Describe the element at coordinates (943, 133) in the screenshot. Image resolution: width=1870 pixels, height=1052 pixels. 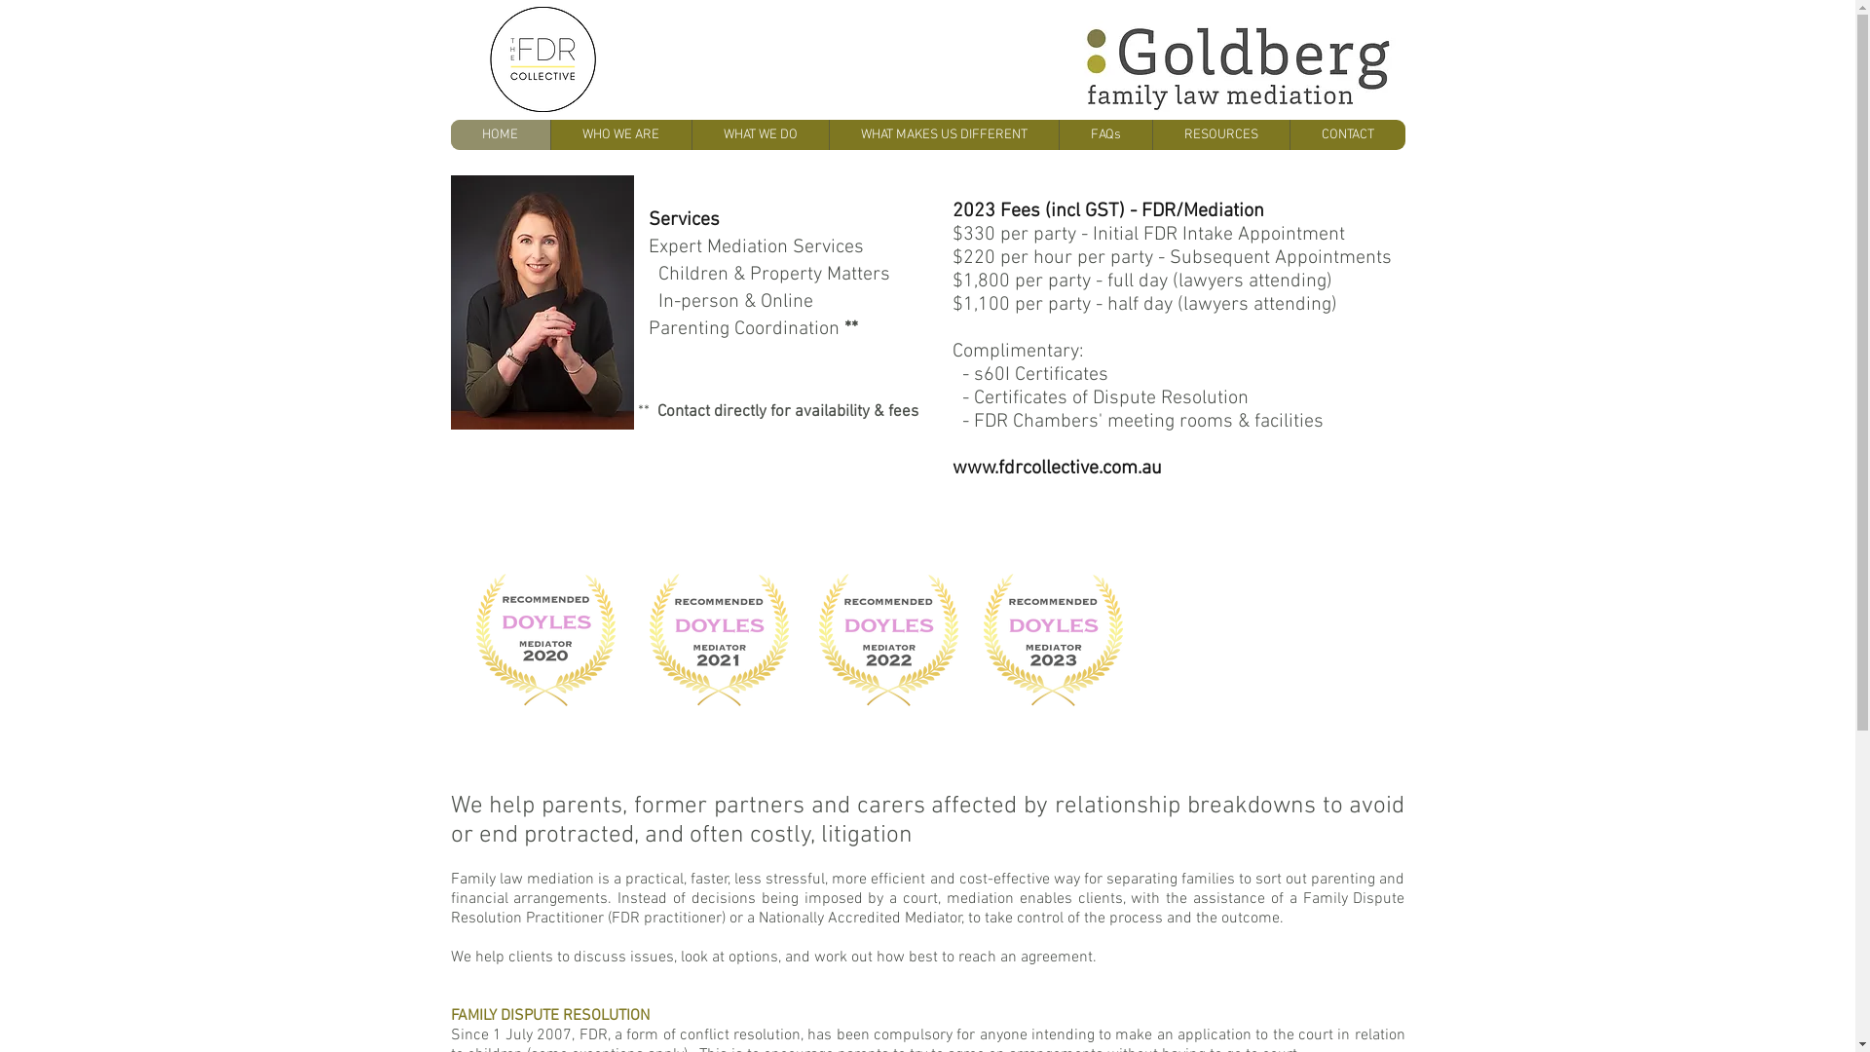
I see `'WHAT MAKES US DIFFERENT'` at that location.